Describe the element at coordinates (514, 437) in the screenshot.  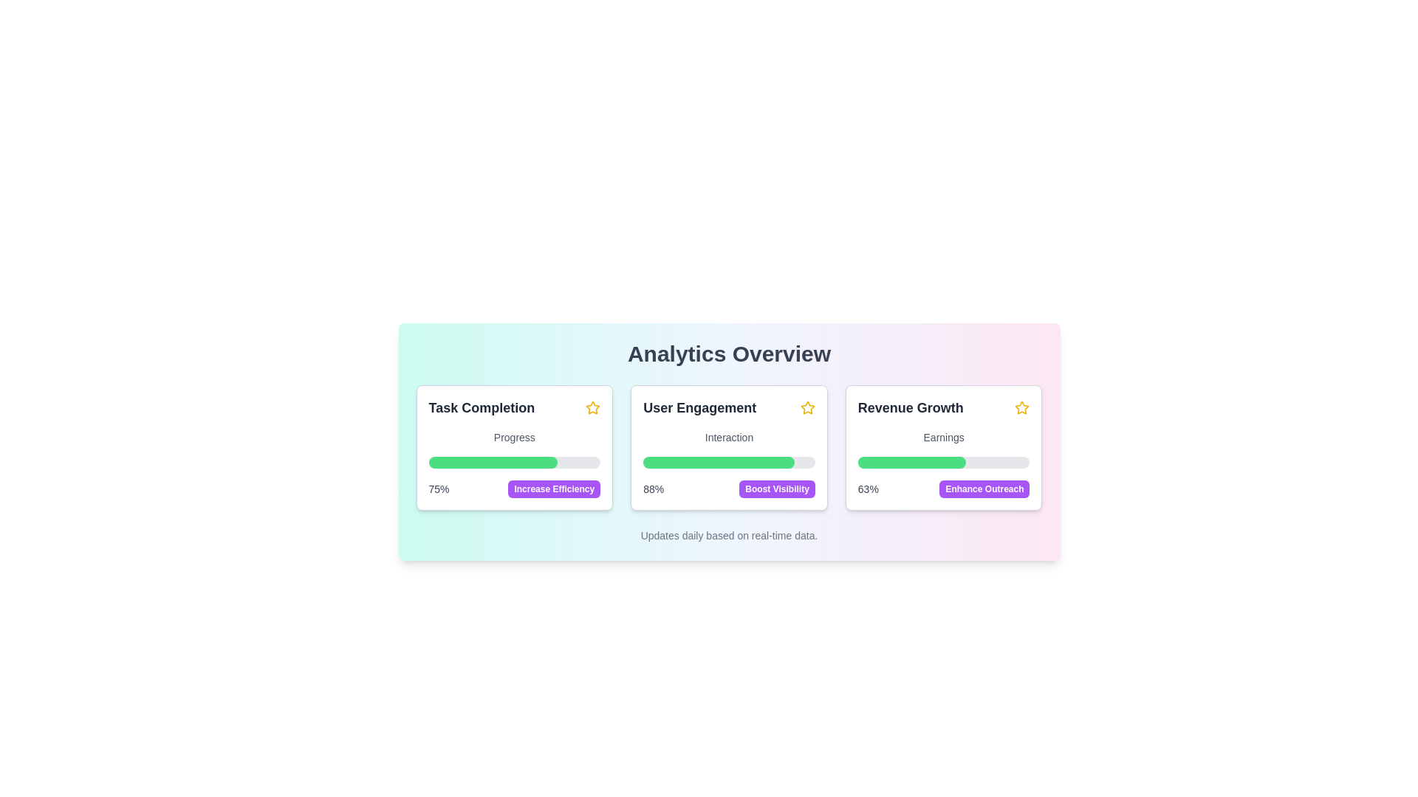
I see `the Text label that describes the progress bar in the 'Task Completion' card, located below the main title and above the progress bar` at that location.